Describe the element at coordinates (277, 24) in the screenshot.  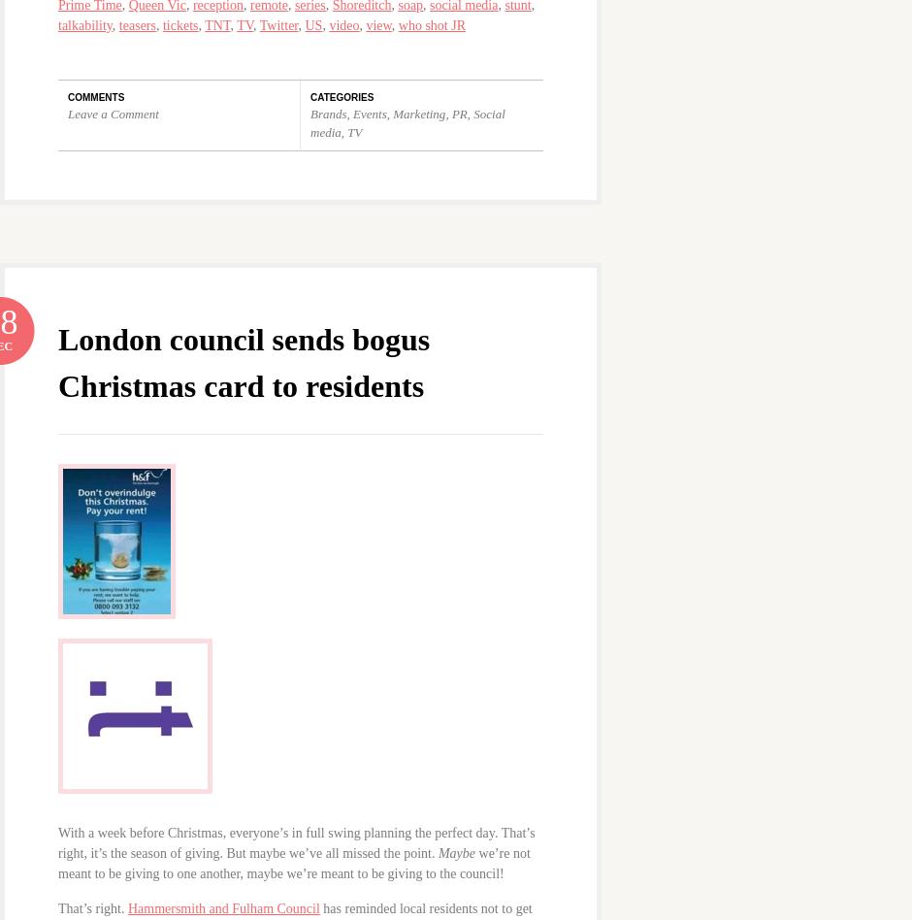
I see `'Twitter'` at that location.